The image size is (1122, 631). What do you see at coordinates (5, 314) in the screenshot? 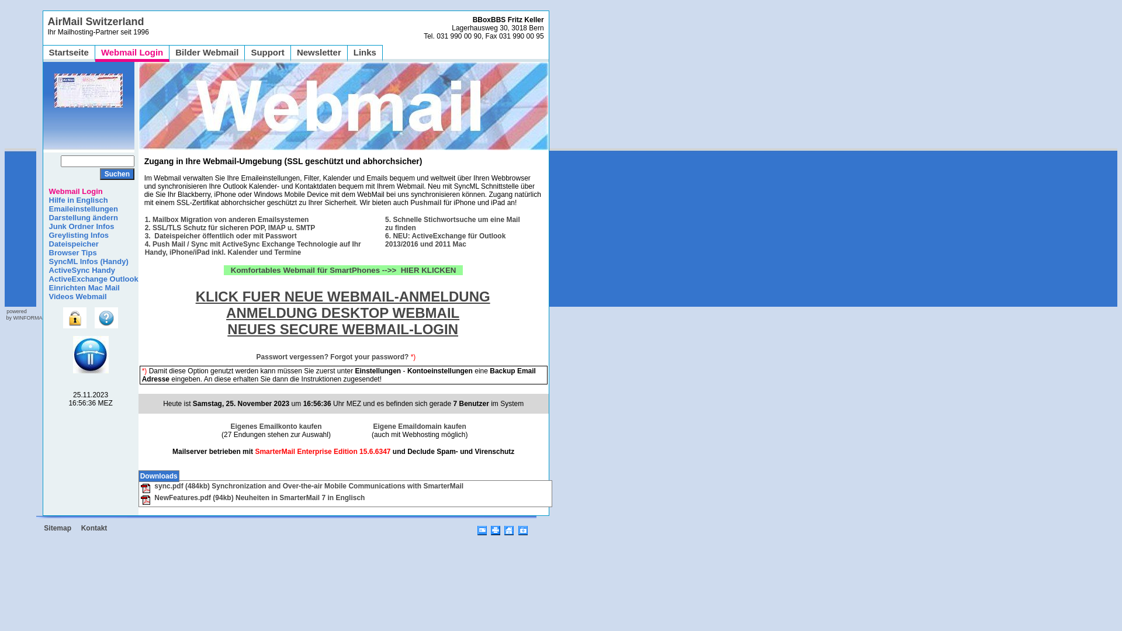
I see `'powered` at bounding box center [5, 314].